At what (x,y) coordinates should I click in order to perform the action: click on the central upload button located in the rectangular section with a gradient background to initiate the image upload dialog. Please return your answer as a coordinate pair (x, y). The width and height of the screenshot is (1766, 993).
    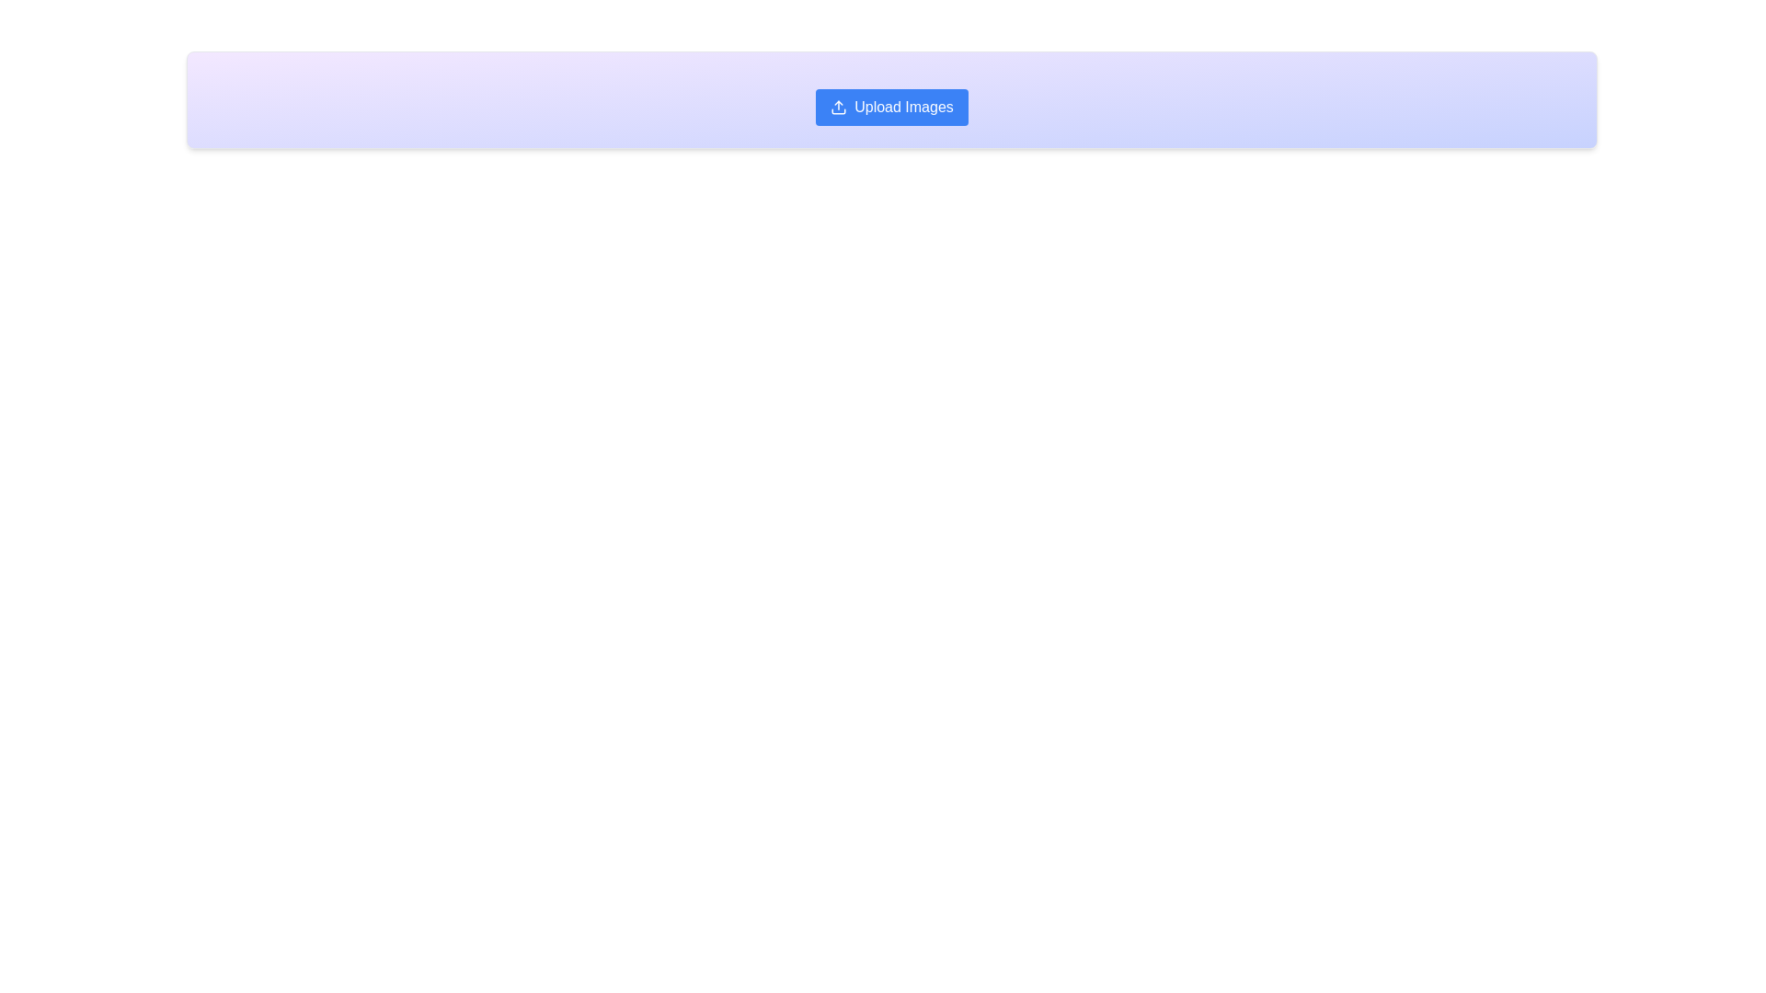
    Looking at the image, I should click on (891, 107).